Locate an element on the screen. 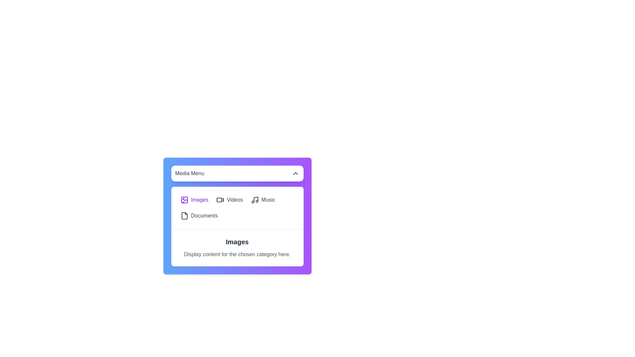 The image size is (635, 357). to select the 'Images' category from the first option in the Media Menu located below the header is located at coordinates (194, 200).